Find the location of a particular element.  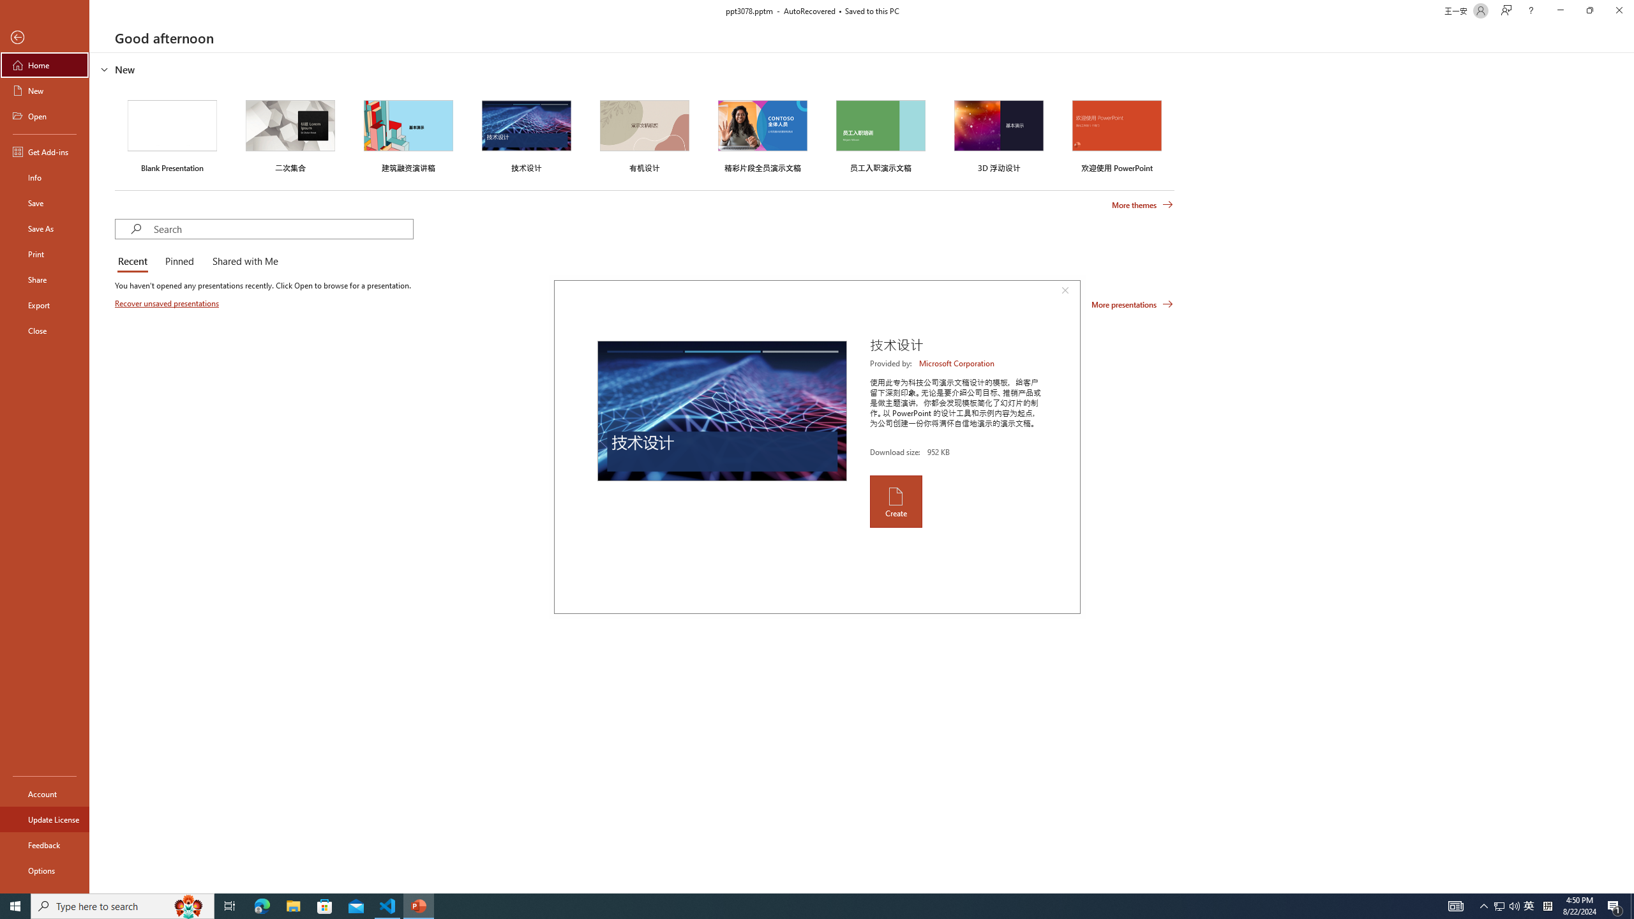

'Print' is located at coordinates (44, 253).